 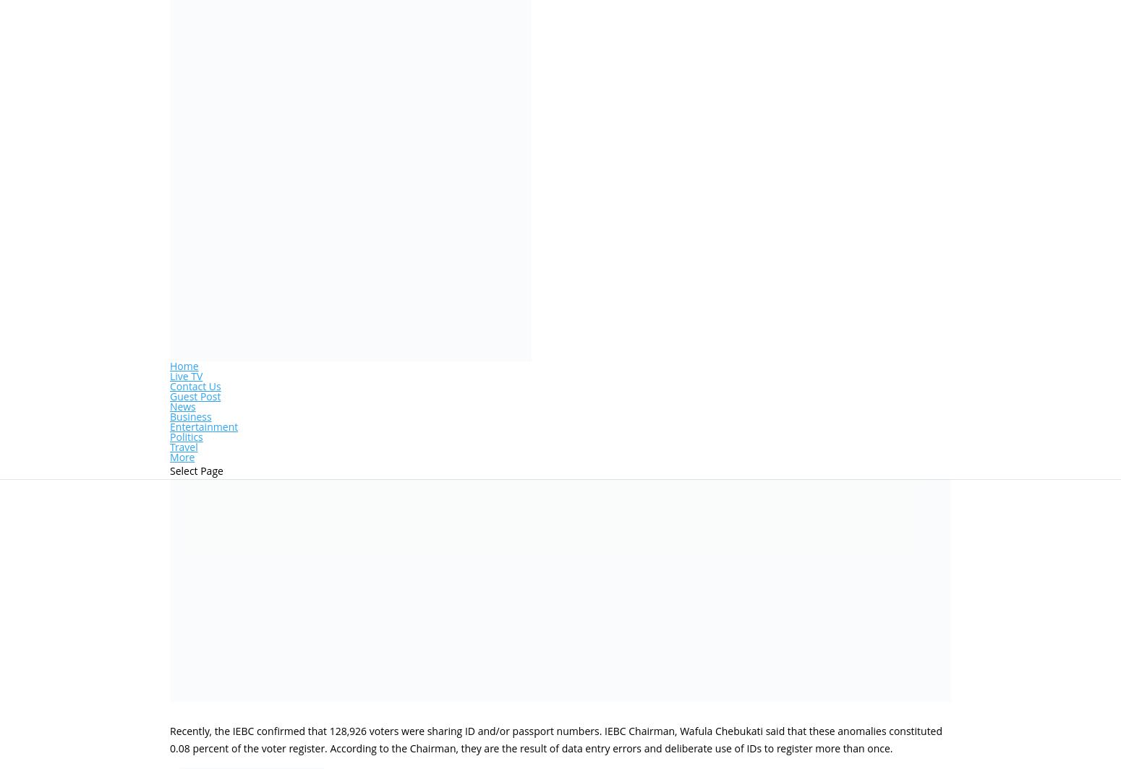 I want to click on '0 comments', so click(x=422, y=197).